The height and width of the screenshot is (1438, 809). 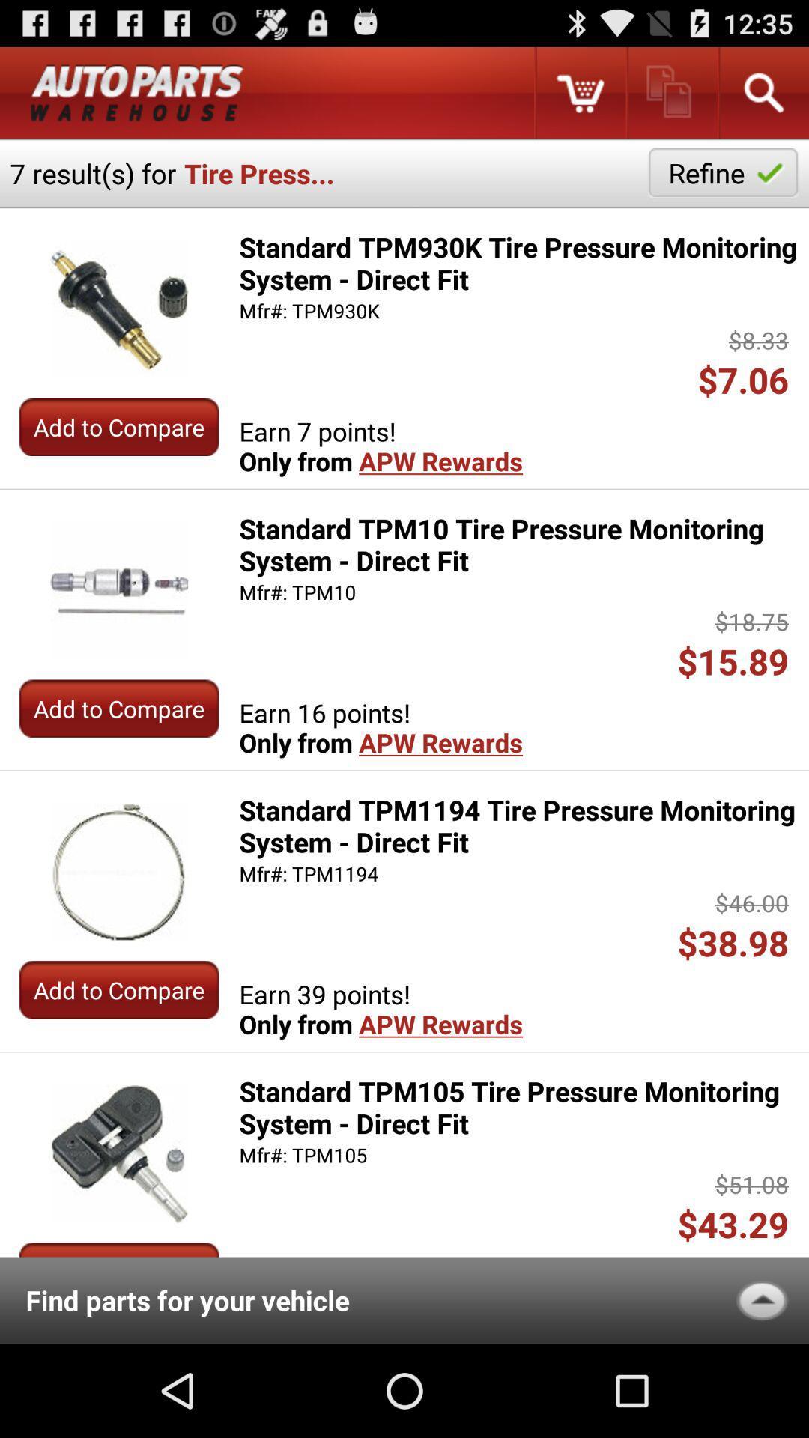 What do you see at coordinates (763, 98) in the screenshot?
I see `the search icon` at bounding box center [763, 98].